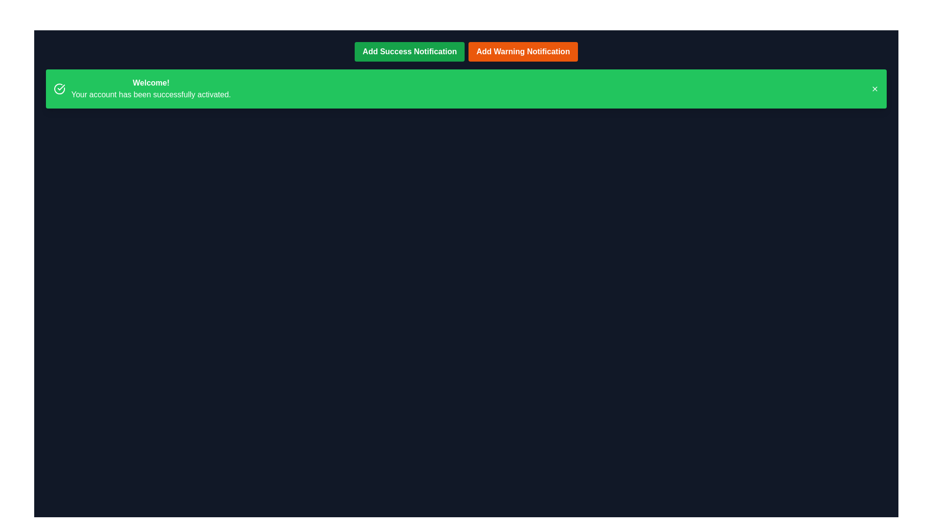 This screenshot has width=938, height=528. I want to click on the checkmark icon within the SVG graphic located in the left section of the green notification bar at the top of the interface, which indicates a successfully completed action, so click(61, 87).